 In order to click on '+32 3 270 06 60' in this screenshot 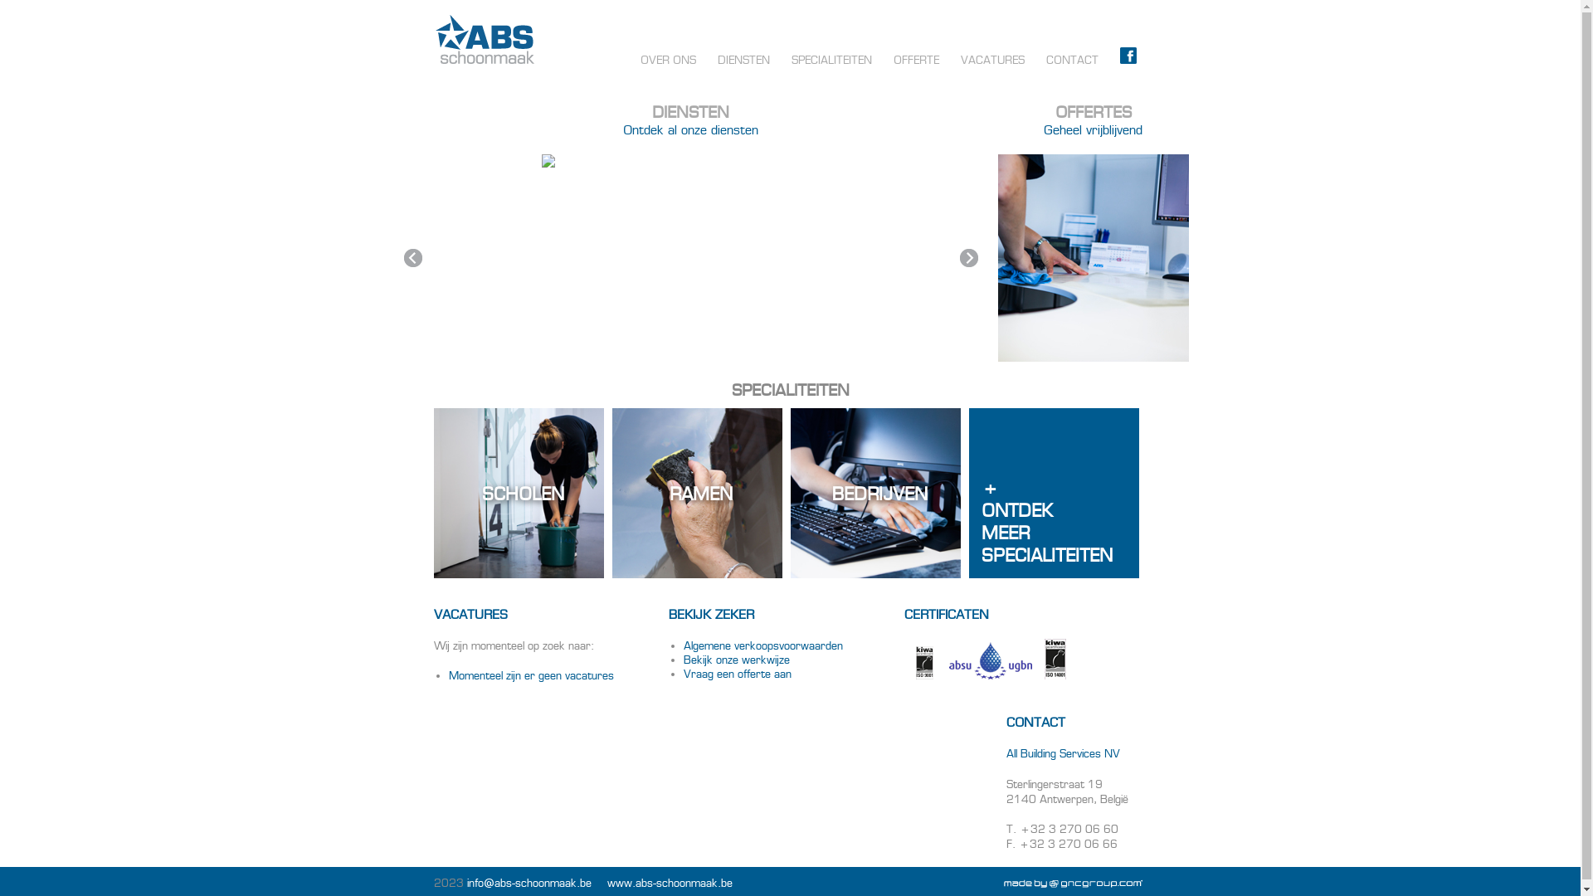, I will do `click(1068, 829)`.